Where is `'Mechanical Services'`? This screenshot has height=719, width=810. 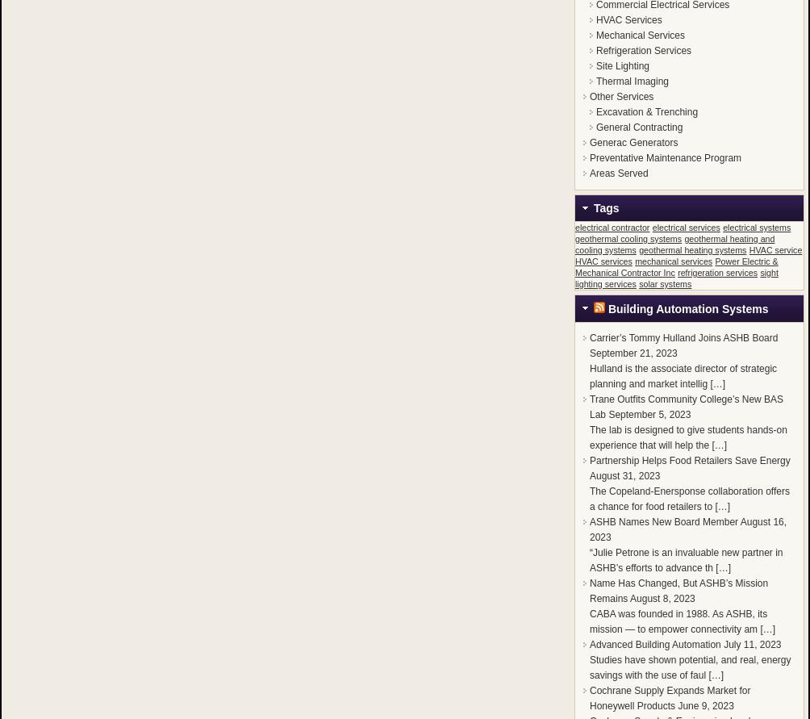
'Mechanical Services' is located at coordinates (640, 36).